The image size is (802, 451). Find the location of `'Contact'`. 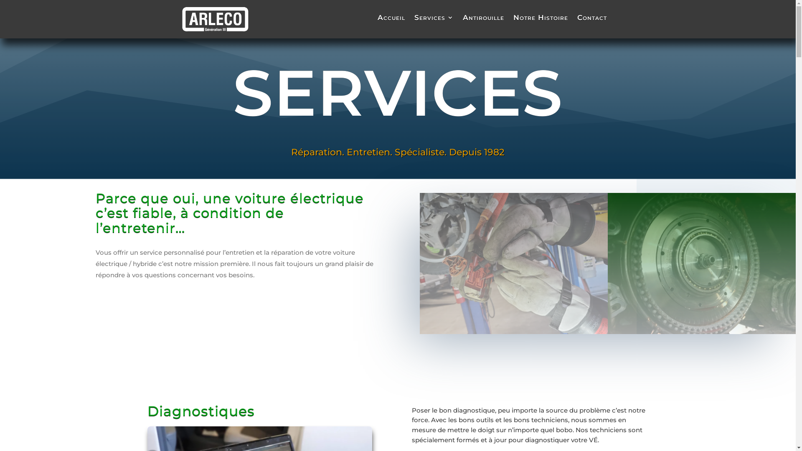

'Contact' is located at coordinates (591, 19).